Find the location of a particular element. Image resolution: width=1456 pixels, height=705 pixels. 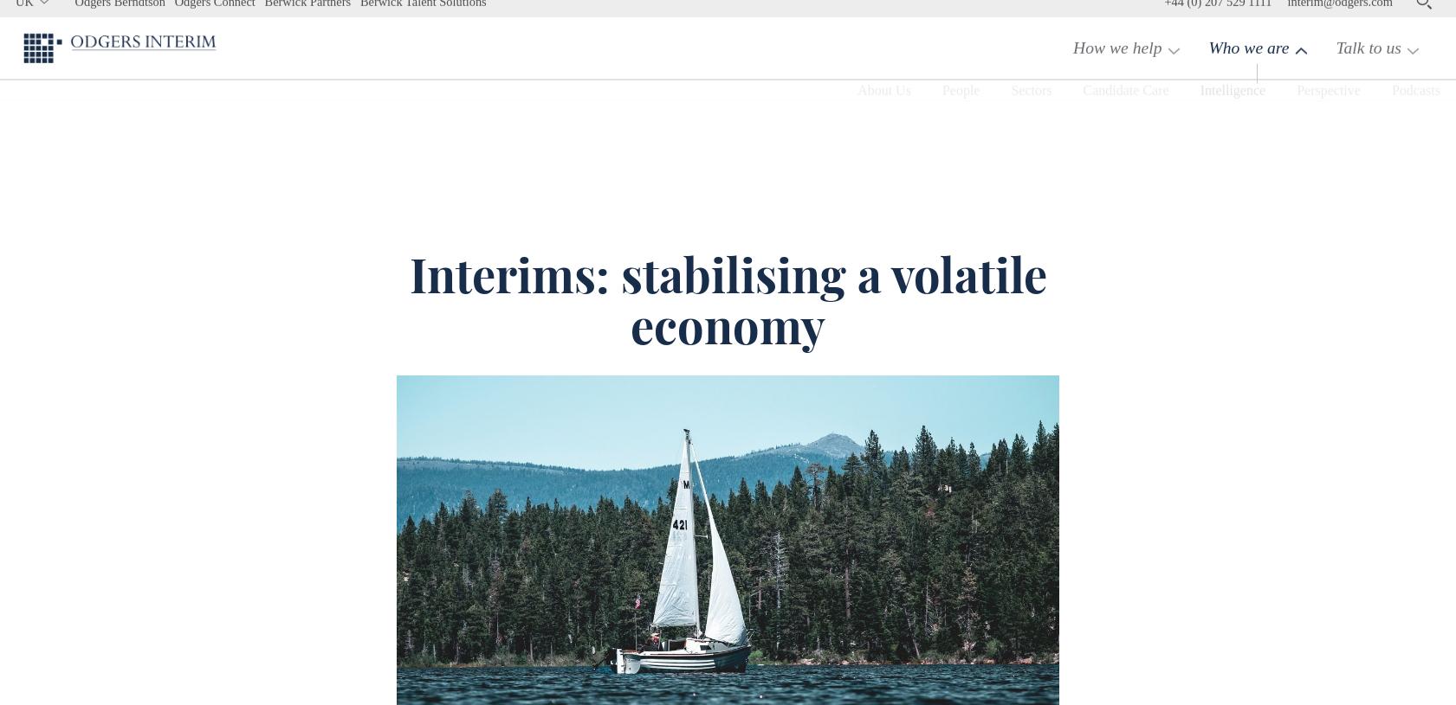

'+44 (0) 207 529 1111' is located at coordinates (1217, 15).